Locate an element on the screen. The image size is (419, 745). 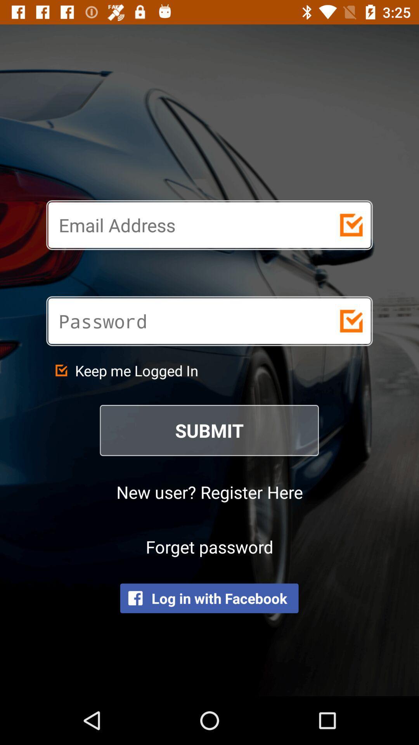
icon above new user register is located at coordinates (209, 430).